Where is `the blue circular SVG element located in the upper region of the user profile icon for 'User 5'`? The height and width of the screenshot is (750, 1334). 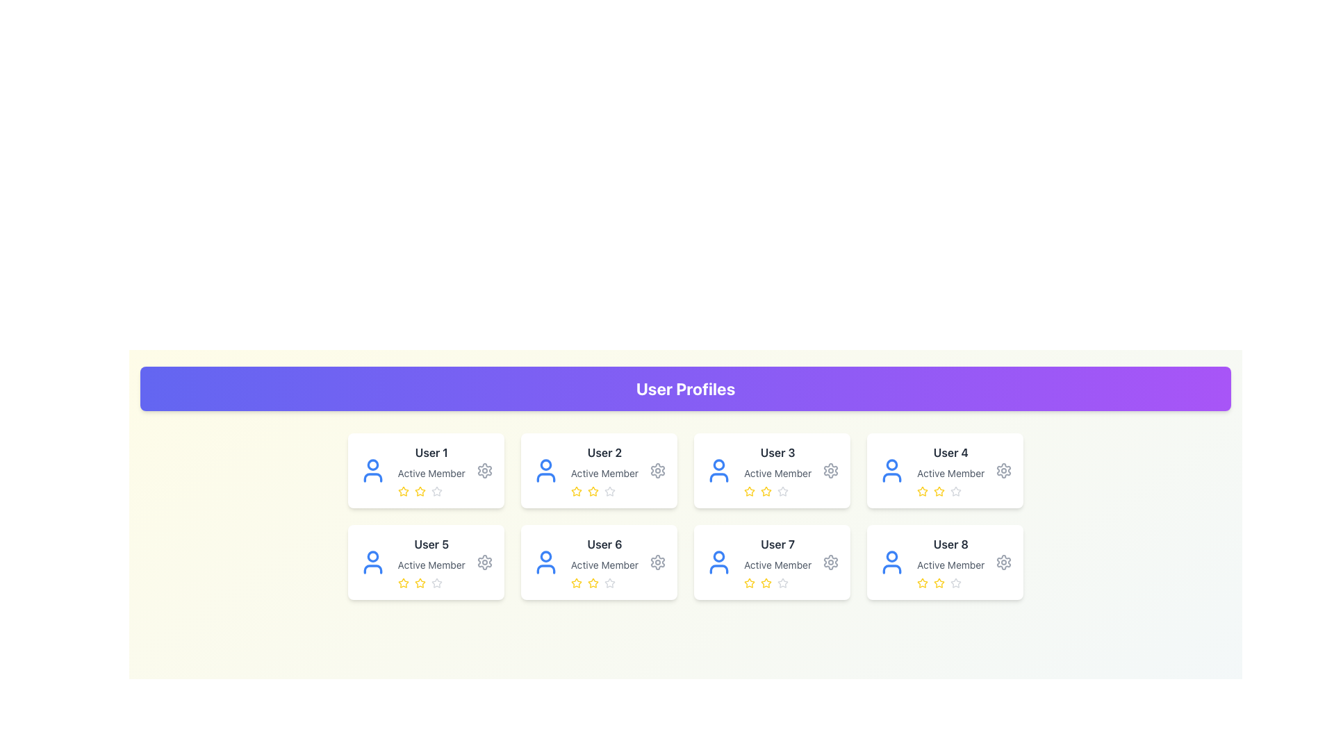
the blue circular SVG element located in the upper region of the user profile icon for 'User 5' is located at coordinates (372, 556).